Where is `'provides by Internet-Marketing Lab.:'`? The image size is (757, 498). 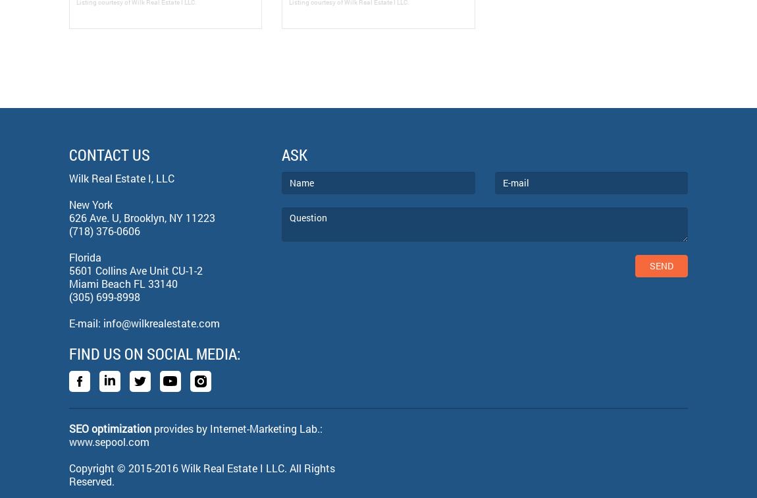
'provides by Internet-Marketing Lab.:' is located at coordinates (236, 428).